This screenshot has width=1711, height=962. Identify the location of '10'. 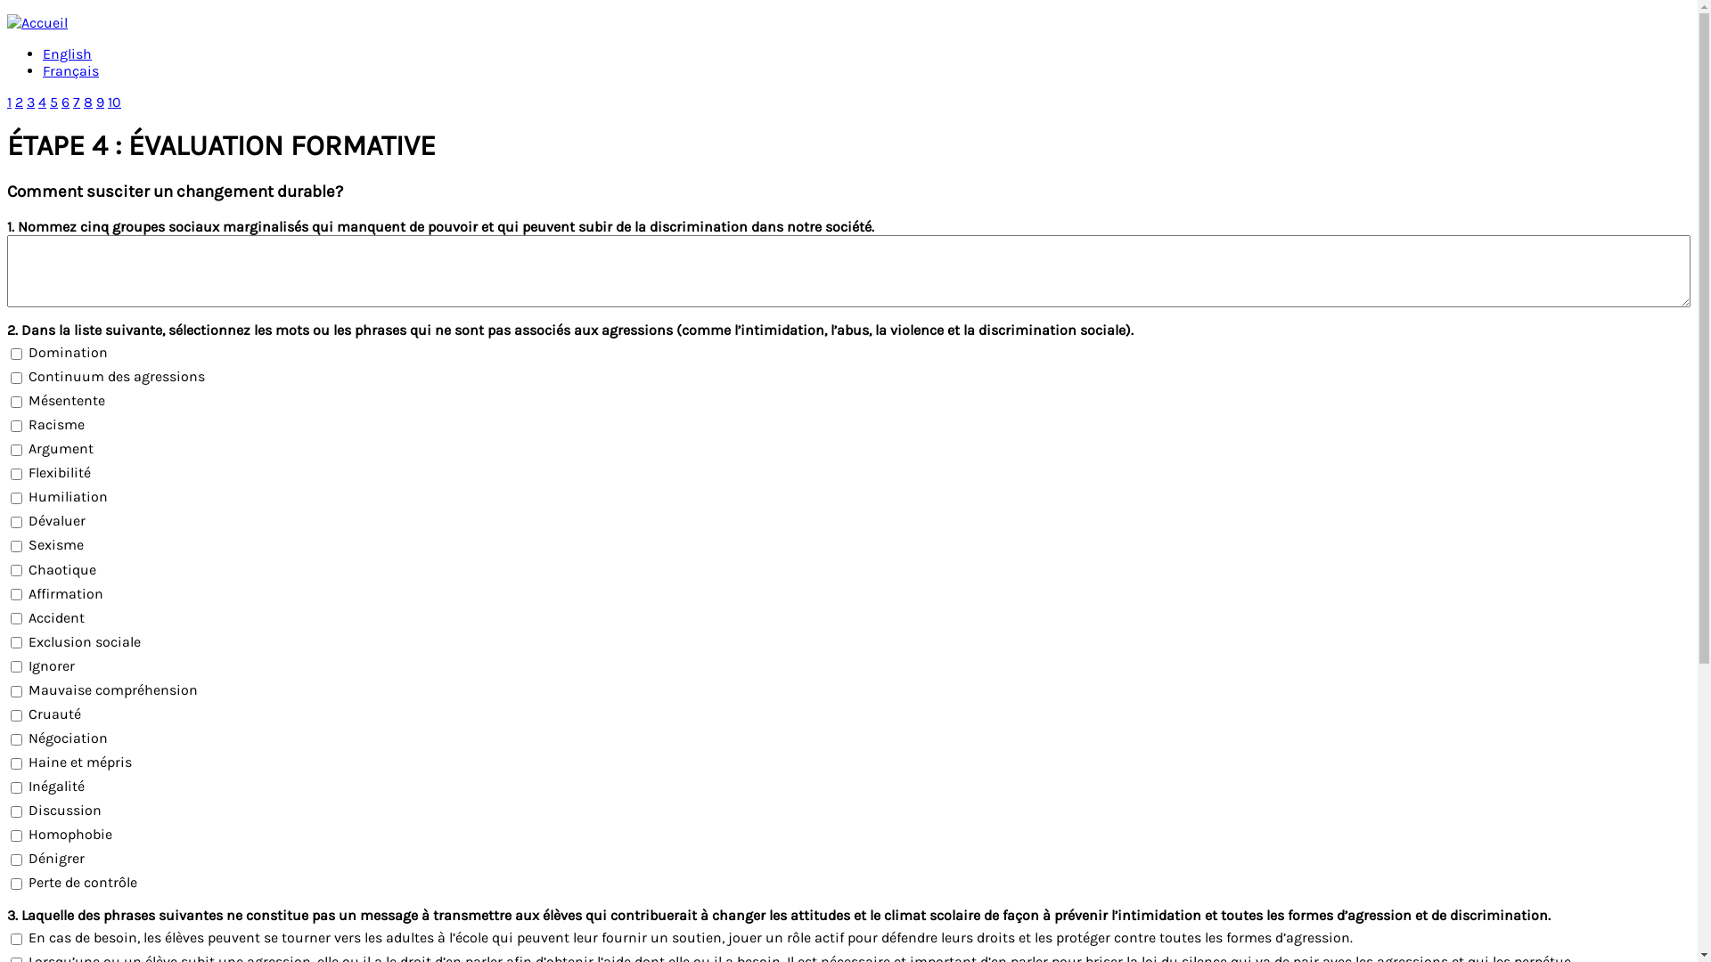
(106, 102).